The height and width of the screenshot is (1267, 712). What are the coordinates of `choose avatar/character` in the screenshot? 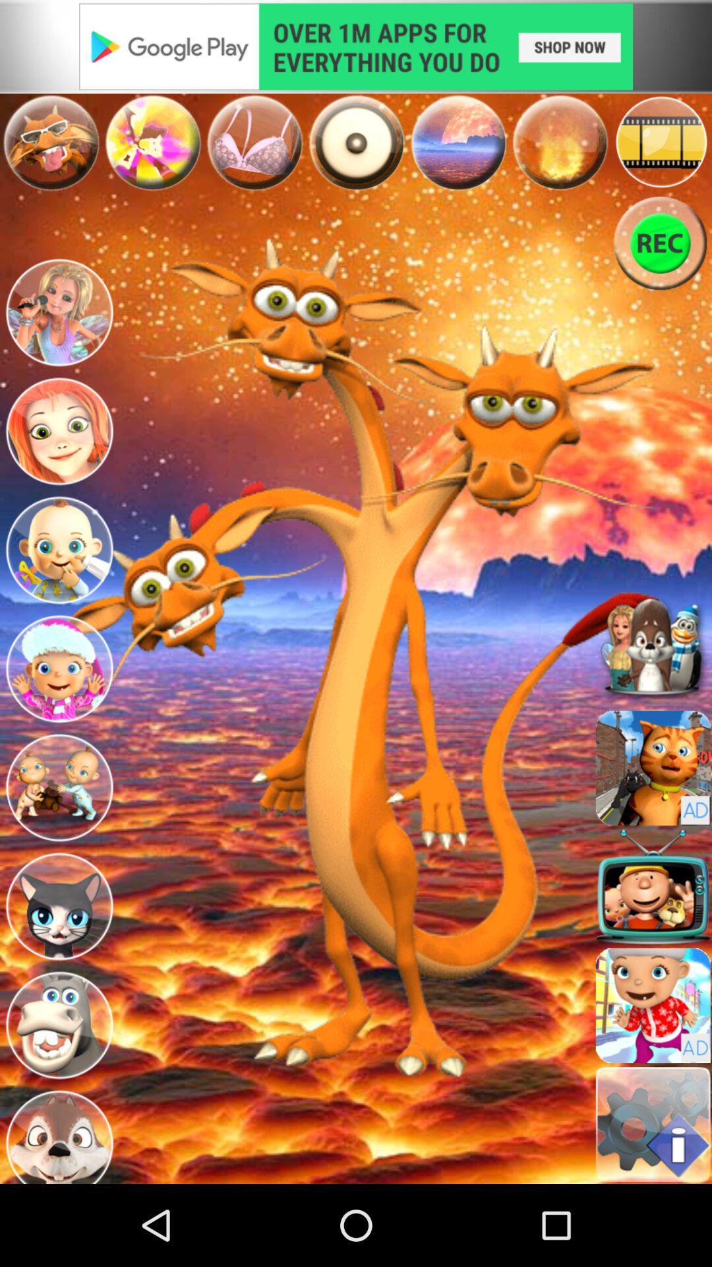 It's located at (58, 431).